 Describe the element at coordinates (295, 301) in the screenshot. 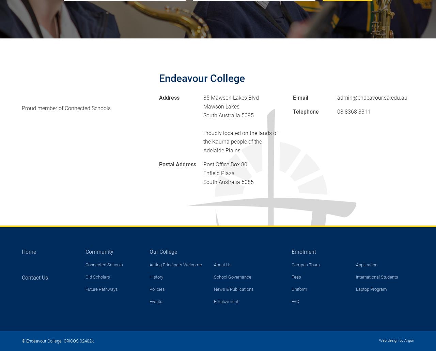

I see `'FAQ'` at that location.